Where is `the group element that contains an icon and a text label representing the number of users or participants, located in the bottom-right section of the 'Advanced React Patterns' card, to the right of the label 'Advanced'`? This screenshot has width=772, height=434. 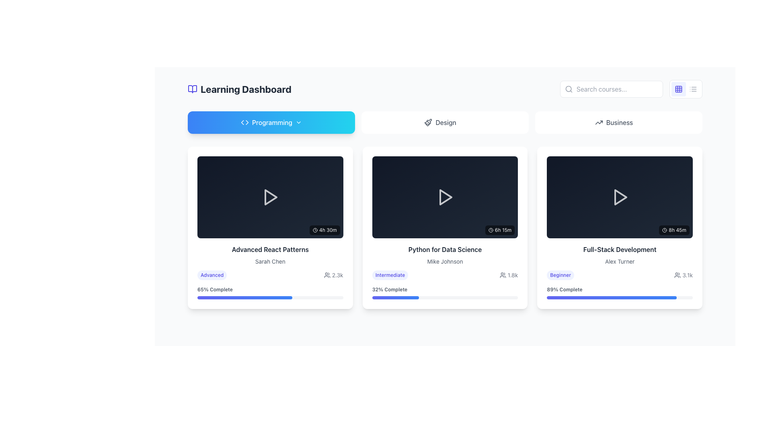 the group element that contains an icon and a text label representing the number of users or participants, located in the bottom-right section of the 'Advanced React Patterns' card, to the right of the label 'Advanced' is located at coordinates (333, 274).